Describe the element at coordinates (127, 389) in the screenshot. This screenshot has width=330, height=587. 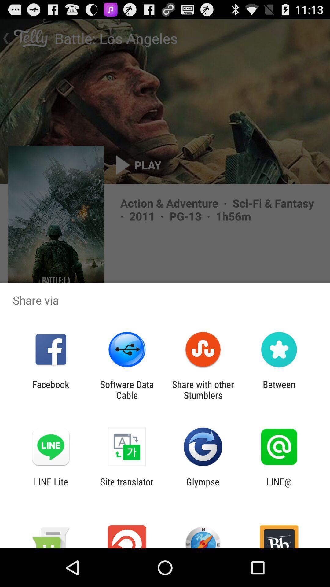
I see `software data cable` at that location.